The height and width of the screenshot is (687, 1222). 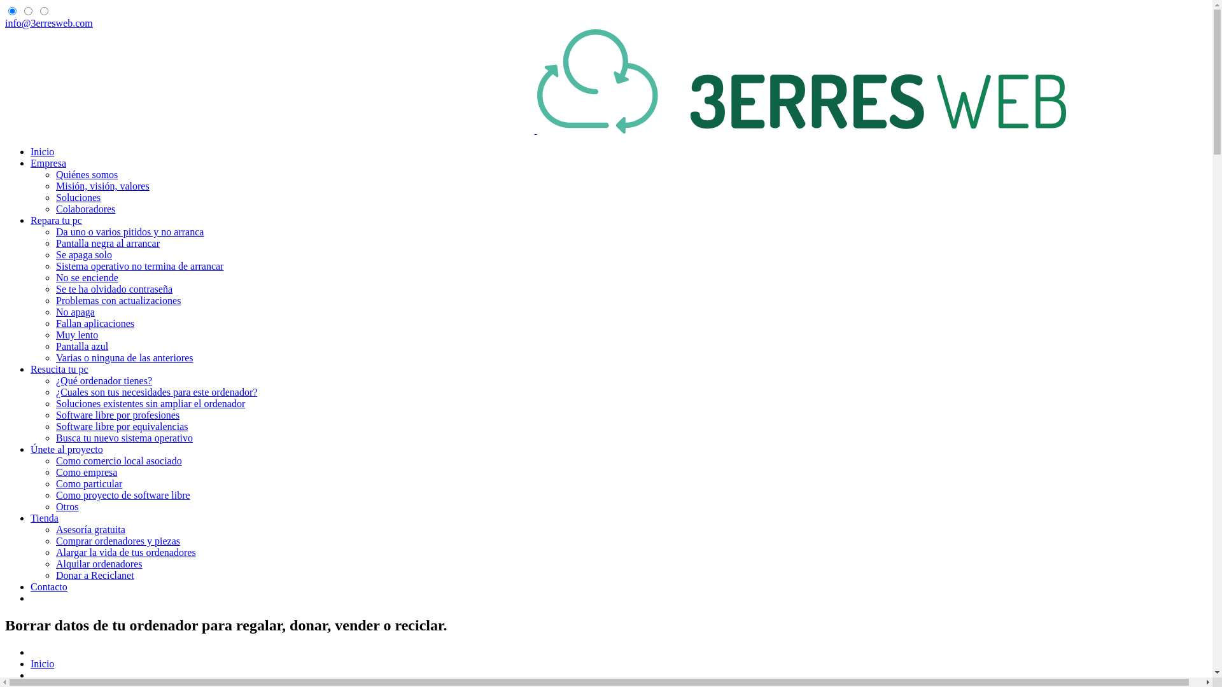 What do you see at coordinates (55, 563) in the screenshot?
I see `'Alquilar ordenadores'` at bounding box center [55, 563].